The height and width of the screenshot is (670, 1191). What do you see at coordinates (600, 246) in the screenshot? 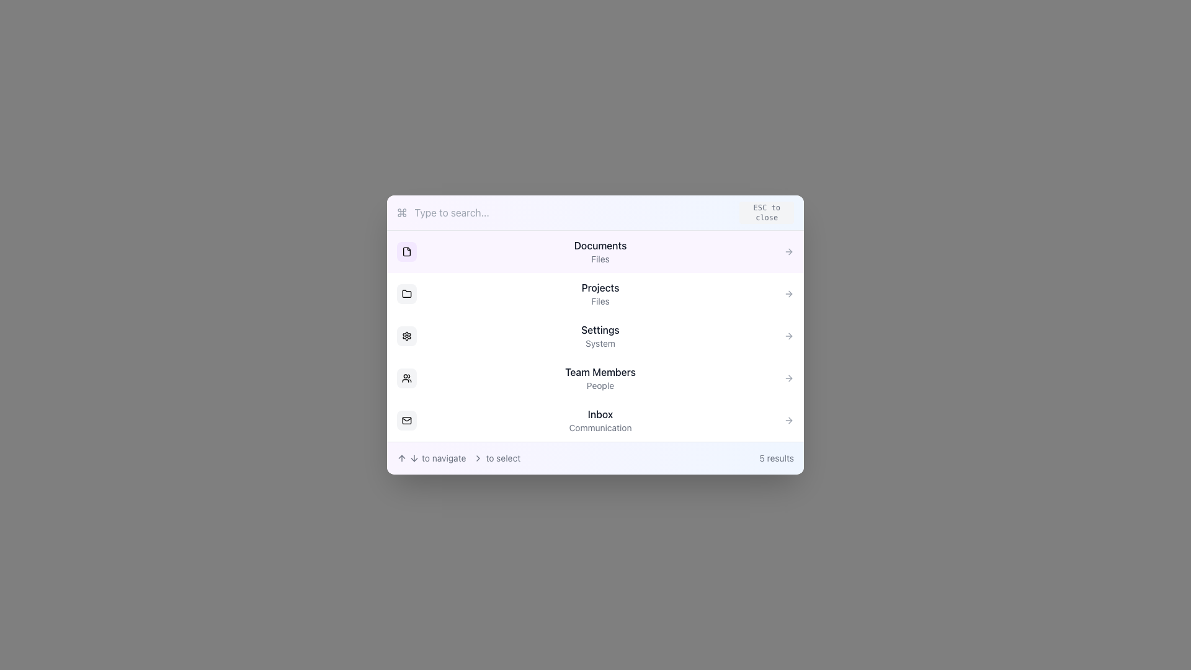
I see `main title label for the first menu item, which directs the user to the section related to documents, positioned above the text 'Files'` at bounding box center [600, 246].